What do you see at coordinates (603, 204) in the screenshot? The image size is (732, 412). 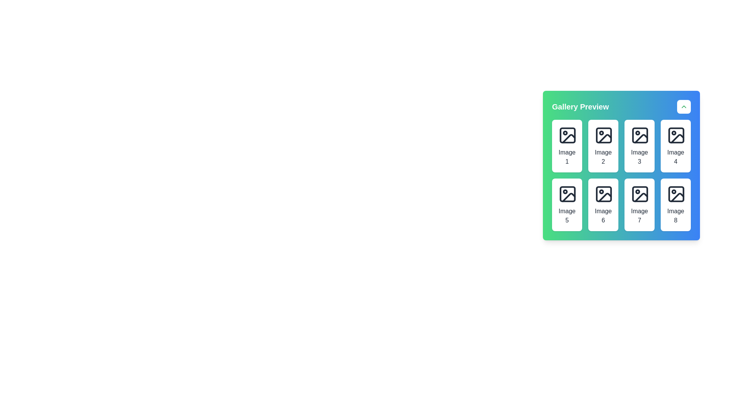 I see `the gallery item representing 'Image 6' located in the lower row, second column of a 4x2 grid` at bounding box center [603, 204].